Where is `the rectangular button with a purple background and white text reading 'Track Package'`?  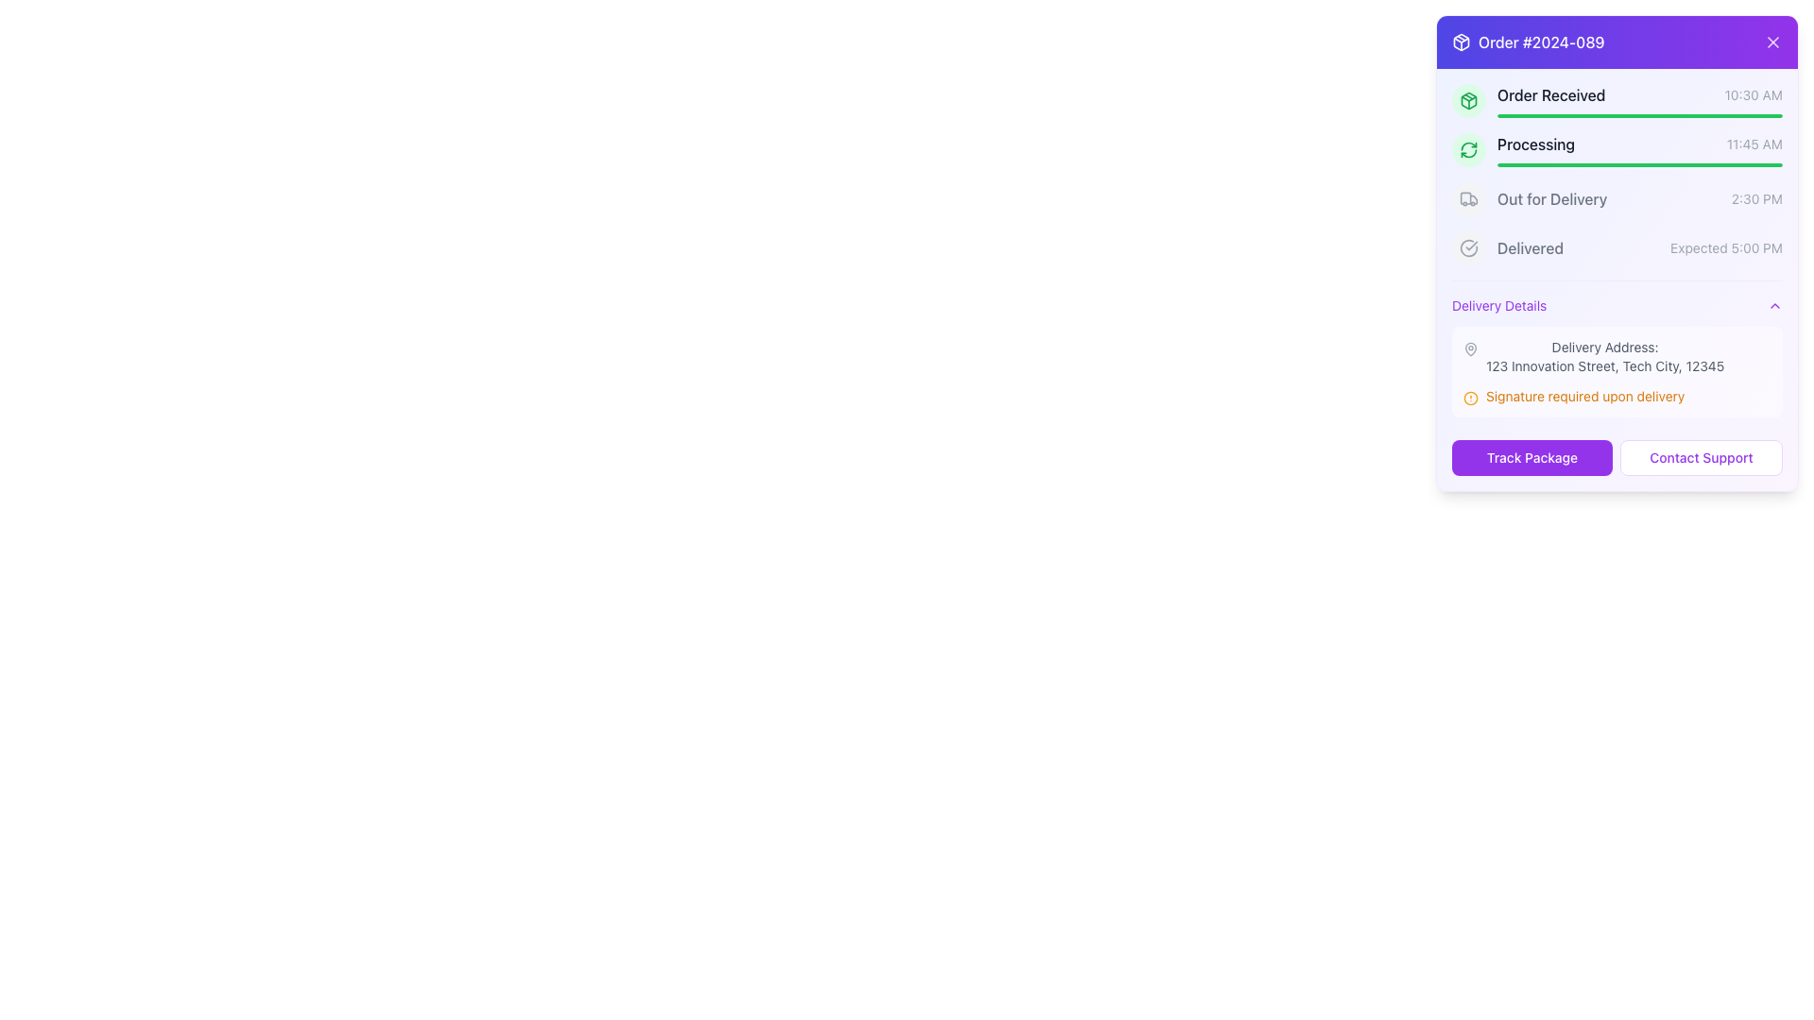
the rectangular button with a purple background and white text reading 'Track Package' is located at coordinates (1532, 458).